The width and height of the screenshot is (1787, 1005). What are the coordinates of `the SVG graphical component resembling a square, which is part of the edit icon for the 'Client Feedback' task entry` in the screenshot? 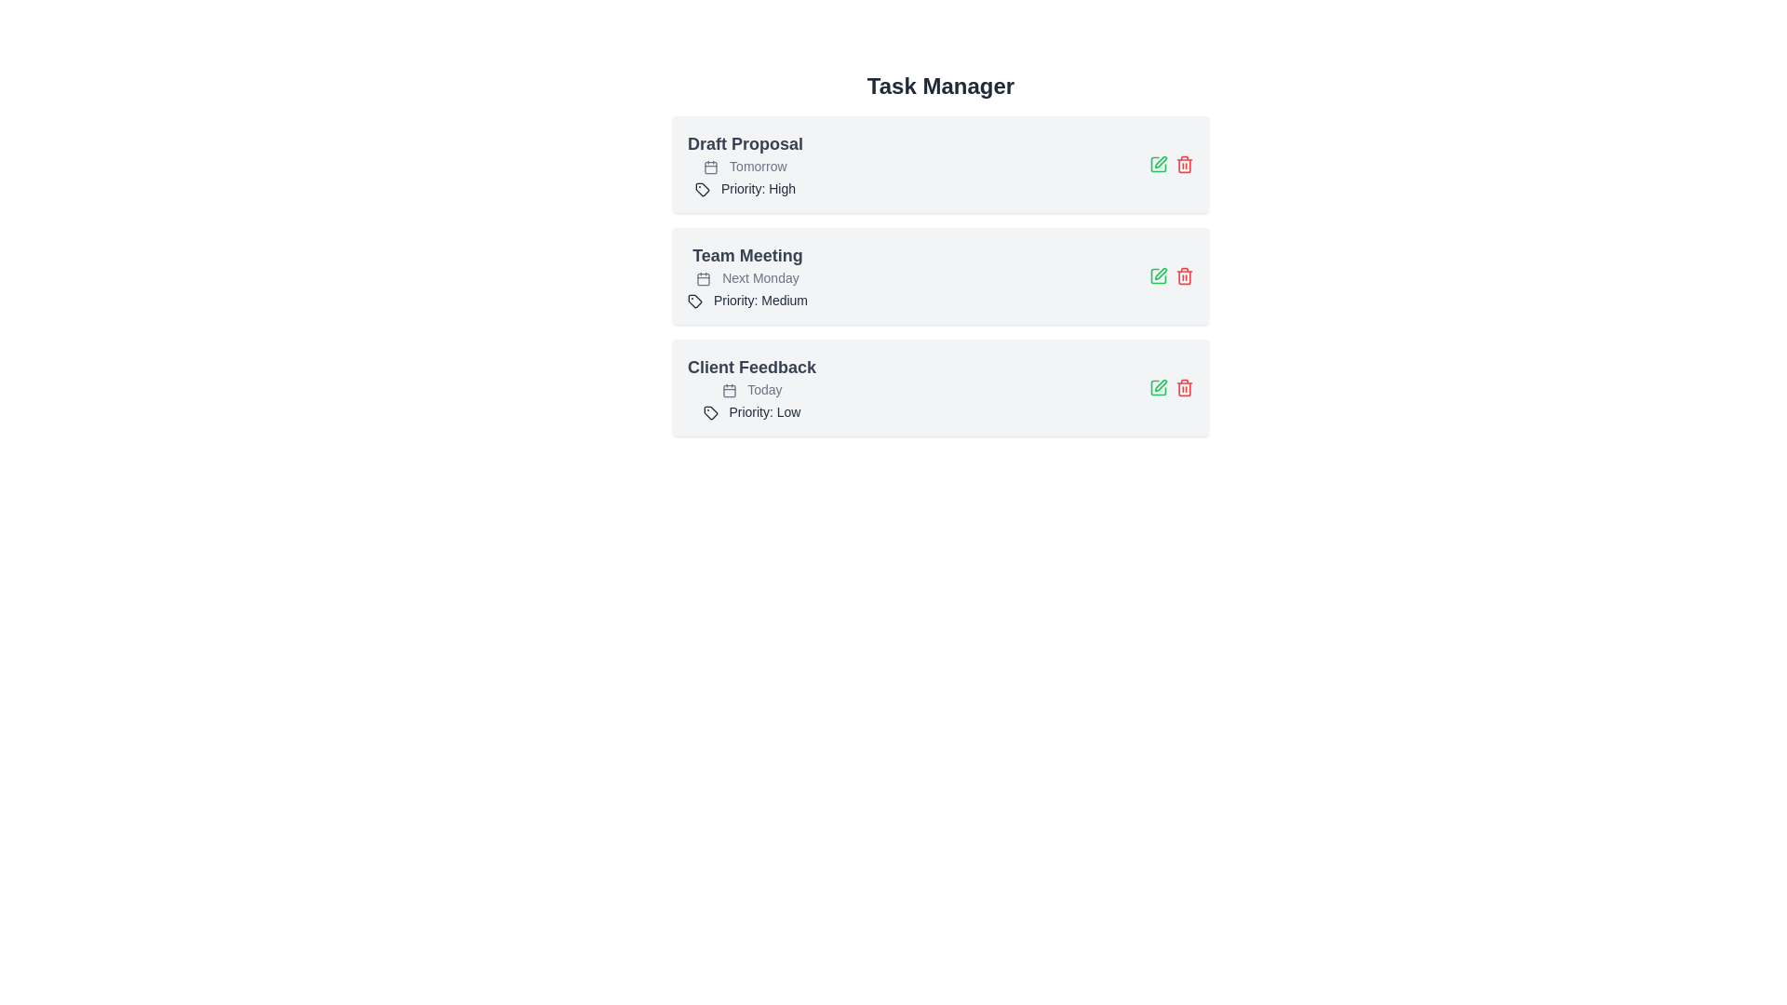 It's located at (1157, 386).